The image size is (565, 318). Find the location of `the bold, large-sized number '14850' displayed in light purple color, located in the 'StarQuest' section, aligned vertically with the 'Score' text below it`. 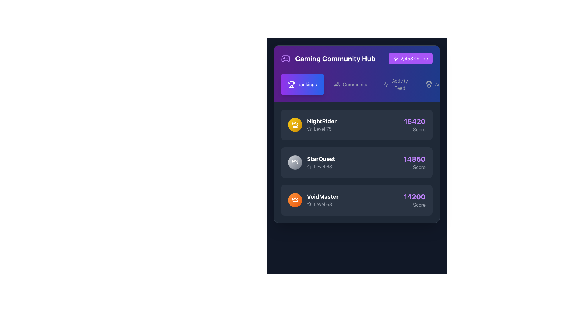

the bold, large-sized number '14850' displayed in light purple color, located in the 'StarQuest' section, aligned vertically with the 'Score' text below it is located at coordinates (414, 159).